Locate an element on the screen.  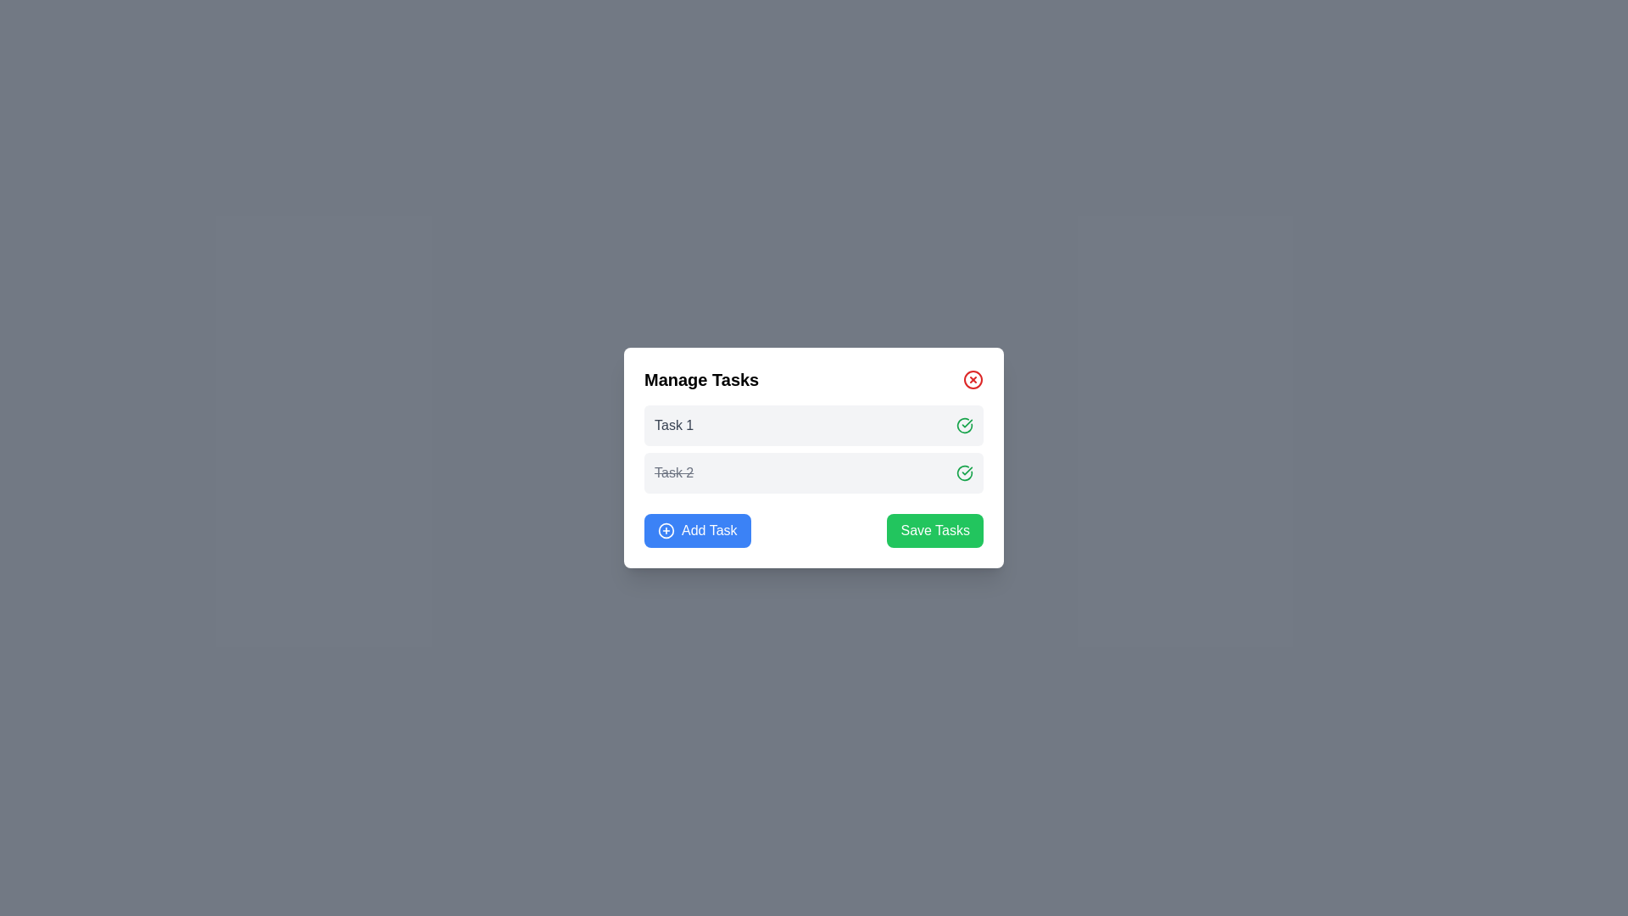
the Text header in the modal dialog that indicates task management is located at coordinates (701, 378).